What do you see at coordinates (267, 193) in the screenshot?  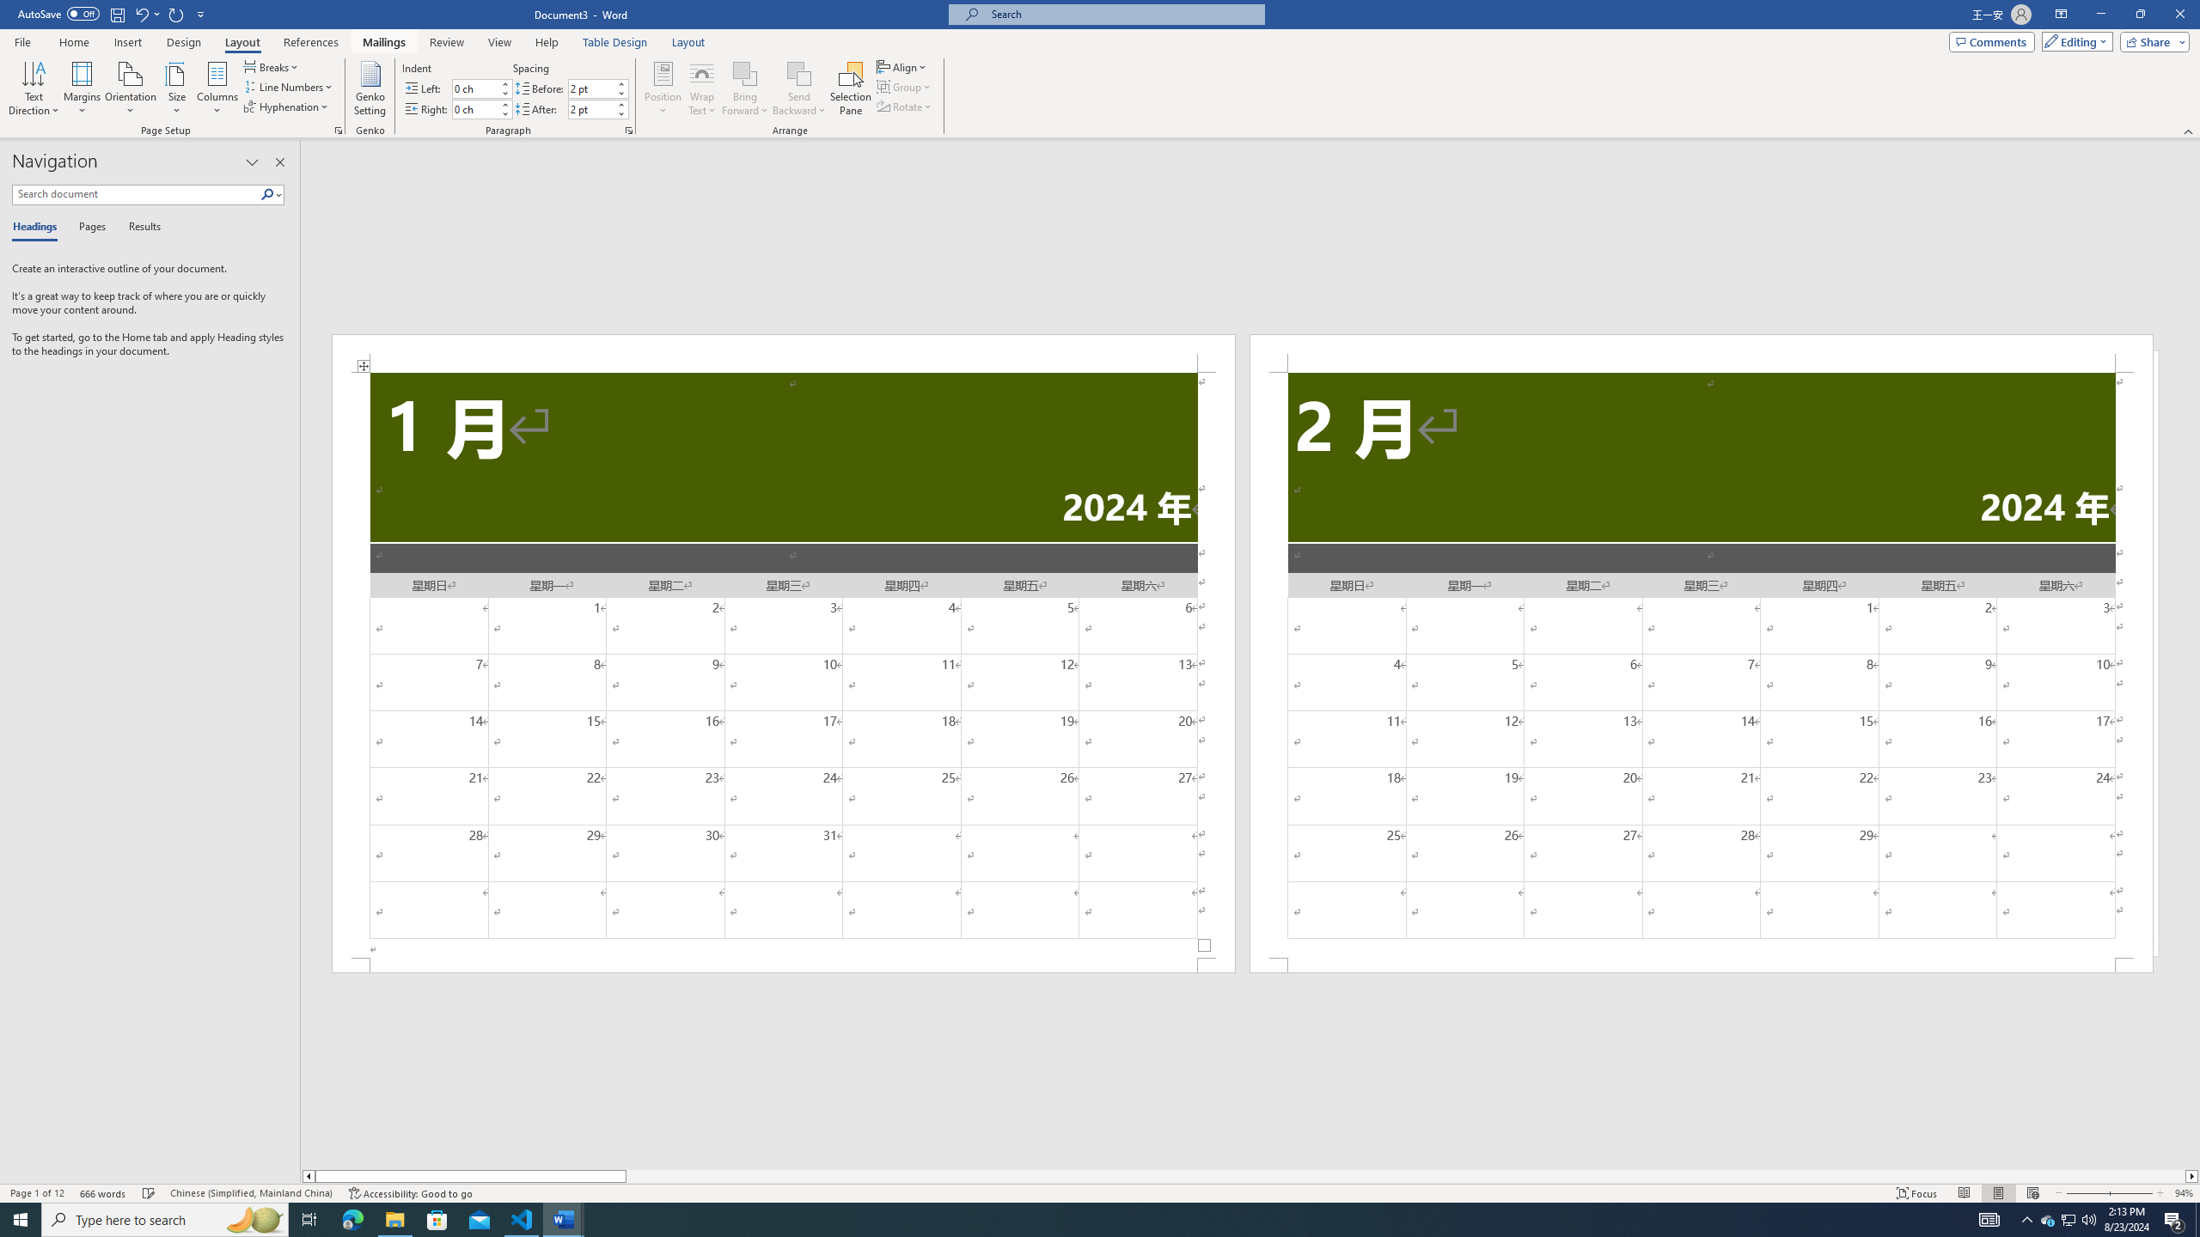 I see `'Class: NetUIImage'` at bounding box center [267, 193].